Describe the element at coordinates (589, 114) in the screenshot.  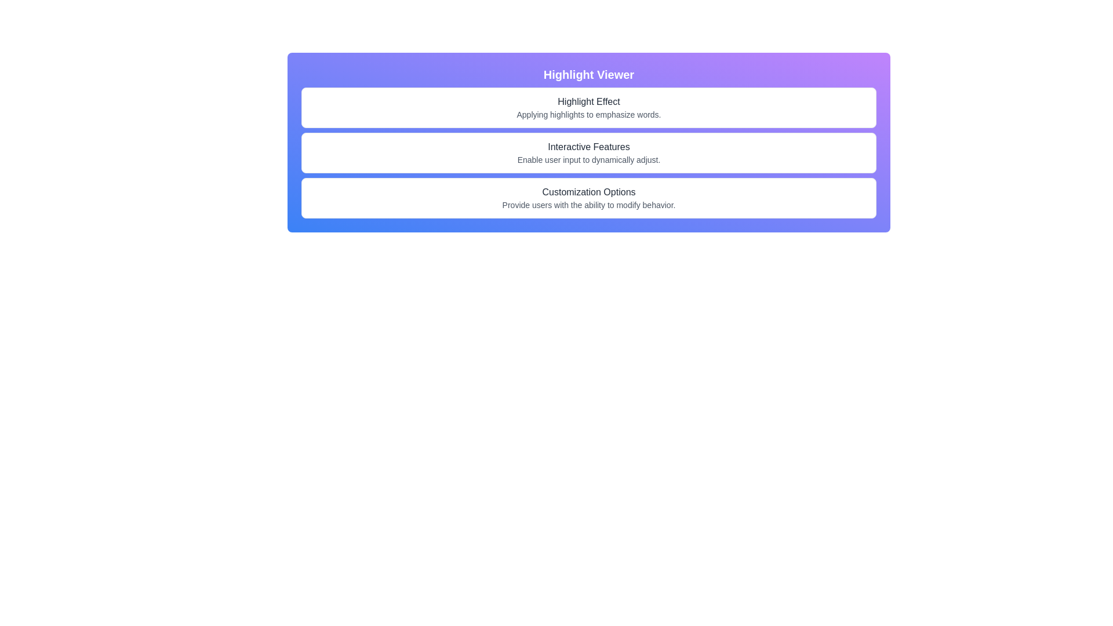
I see `the descriptive text label providing additional details about the 'Highlight Effect' feature, which is located under the 'Highlight Viewer' header` at that location.